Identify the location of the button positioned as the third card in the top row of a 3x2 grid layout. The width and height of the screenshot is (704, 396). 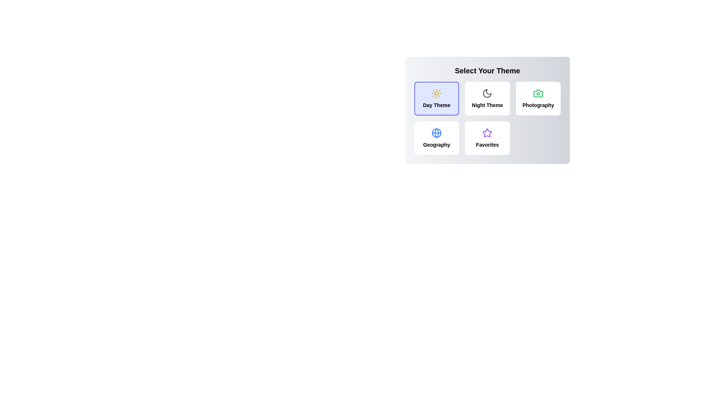
(538, 98).